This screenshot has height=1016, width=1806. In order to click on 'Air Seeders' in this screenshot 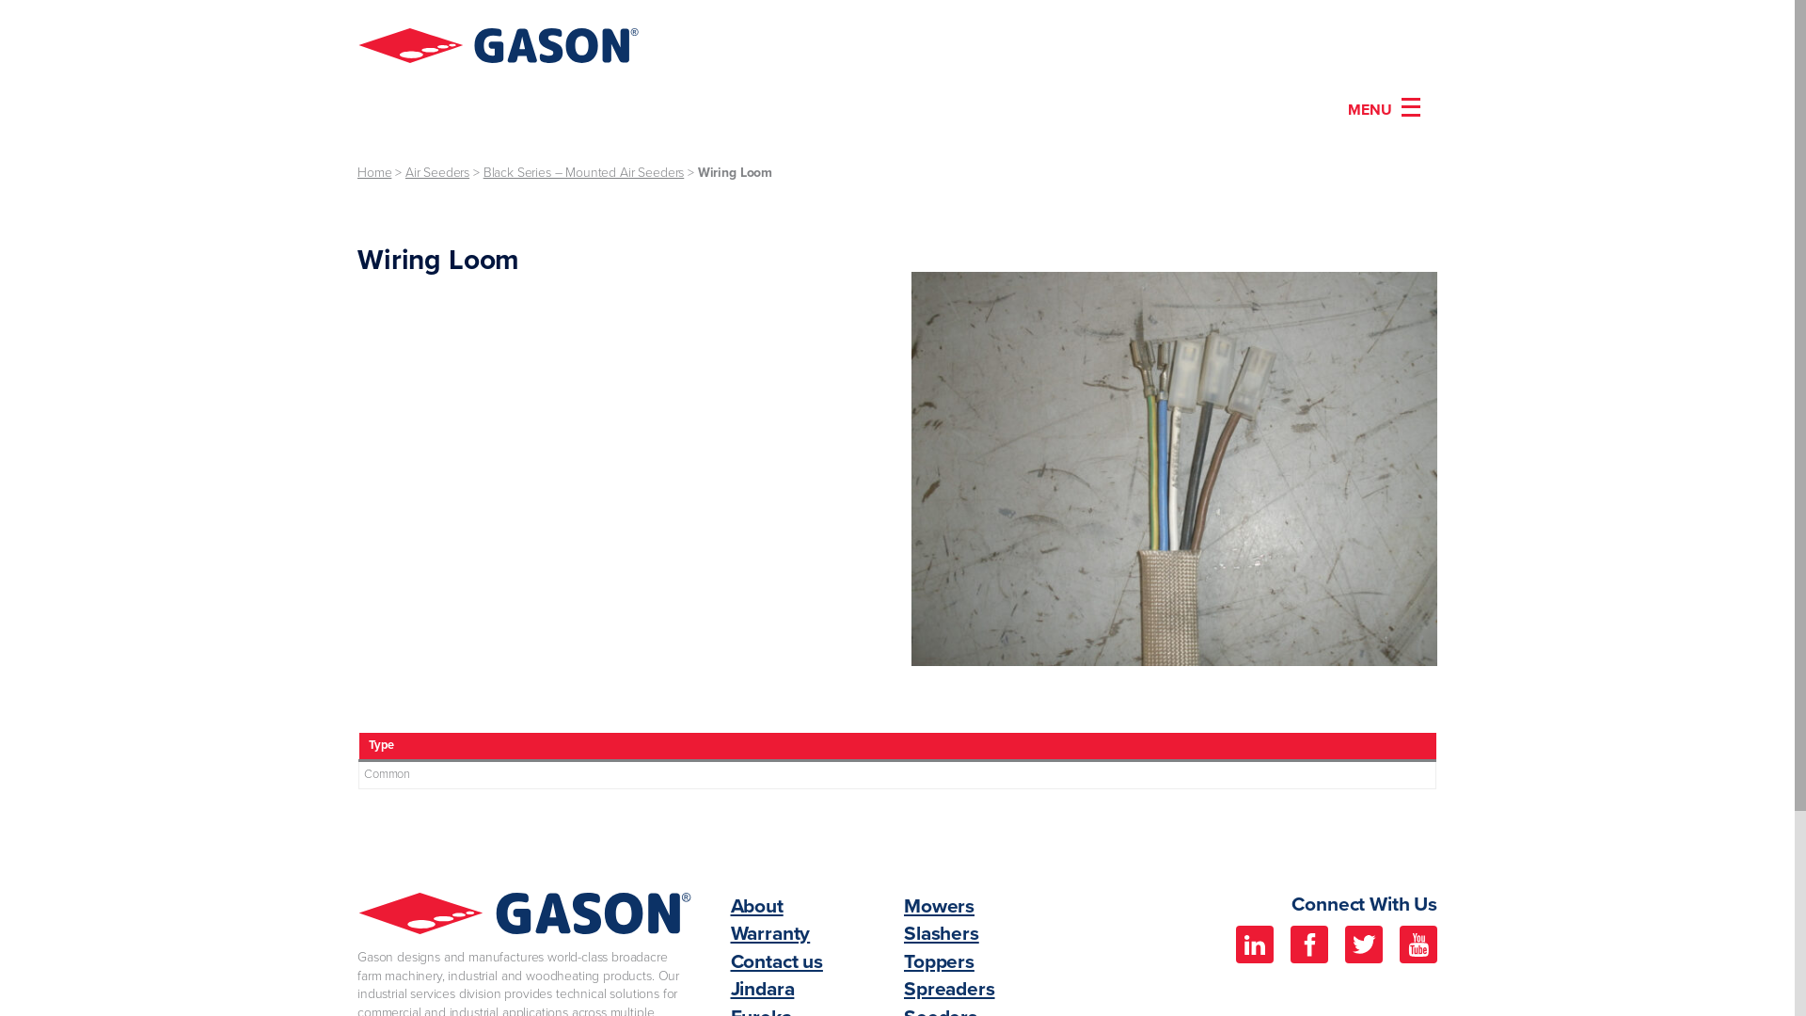, I will do `click(404, 172)`.